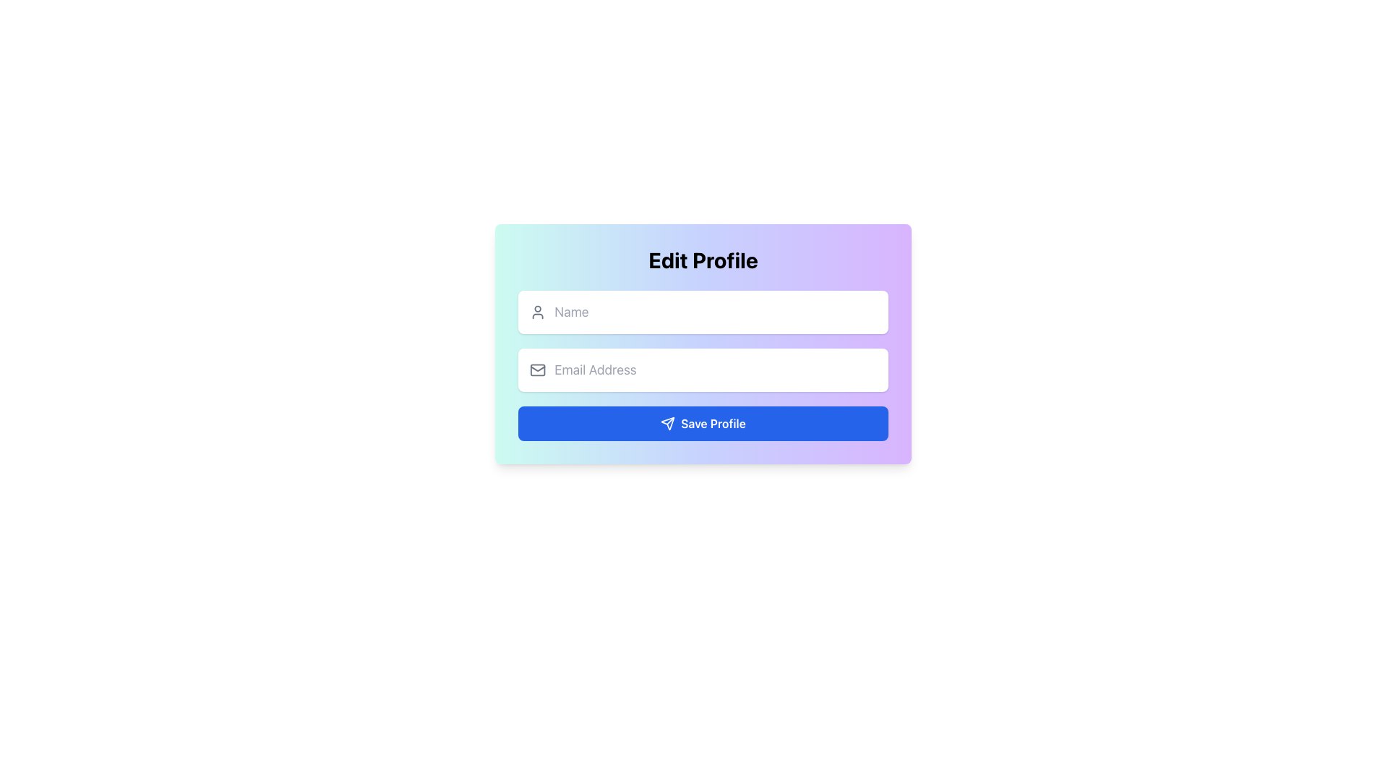 The width and height of the screenshot is (1388, 781). I want to click on the confirmation button located at the bottom of the form panel, so click(703, 423).